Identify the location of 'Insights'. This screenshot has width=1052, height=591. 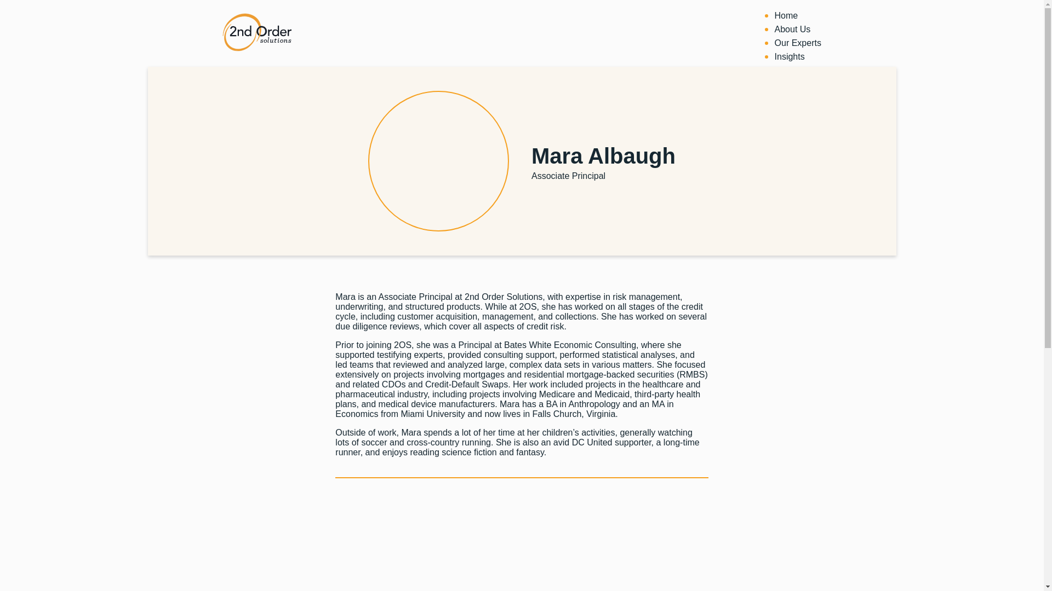
(790, 56).